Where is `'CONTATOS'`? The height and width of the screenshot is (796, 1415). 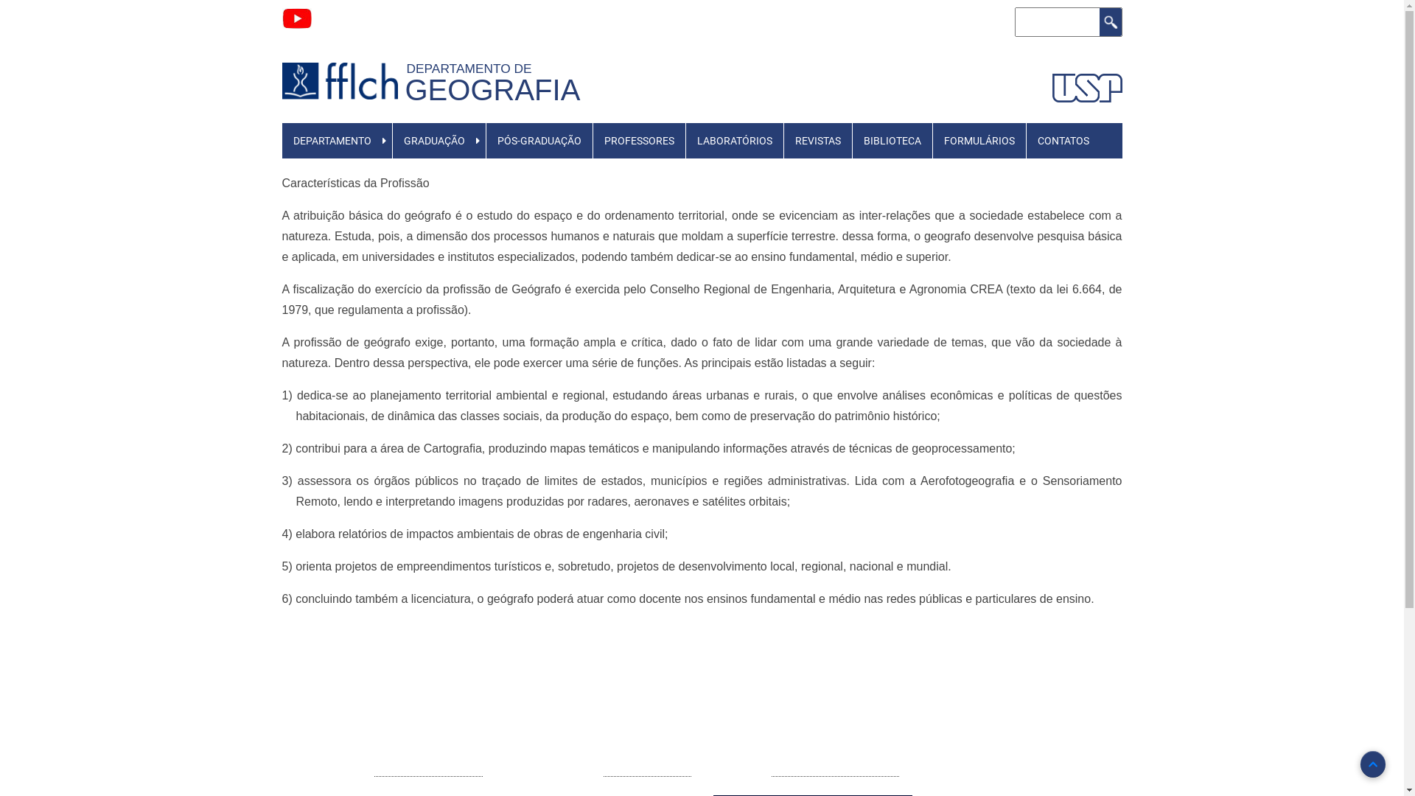 'CONTATOS' is located at coordinates (1025, 141).